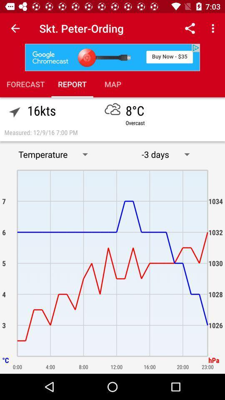  What do you see at coordinates (112, 57) in the screenshot?
I see `advertisement` at bounding box center [112, 57].